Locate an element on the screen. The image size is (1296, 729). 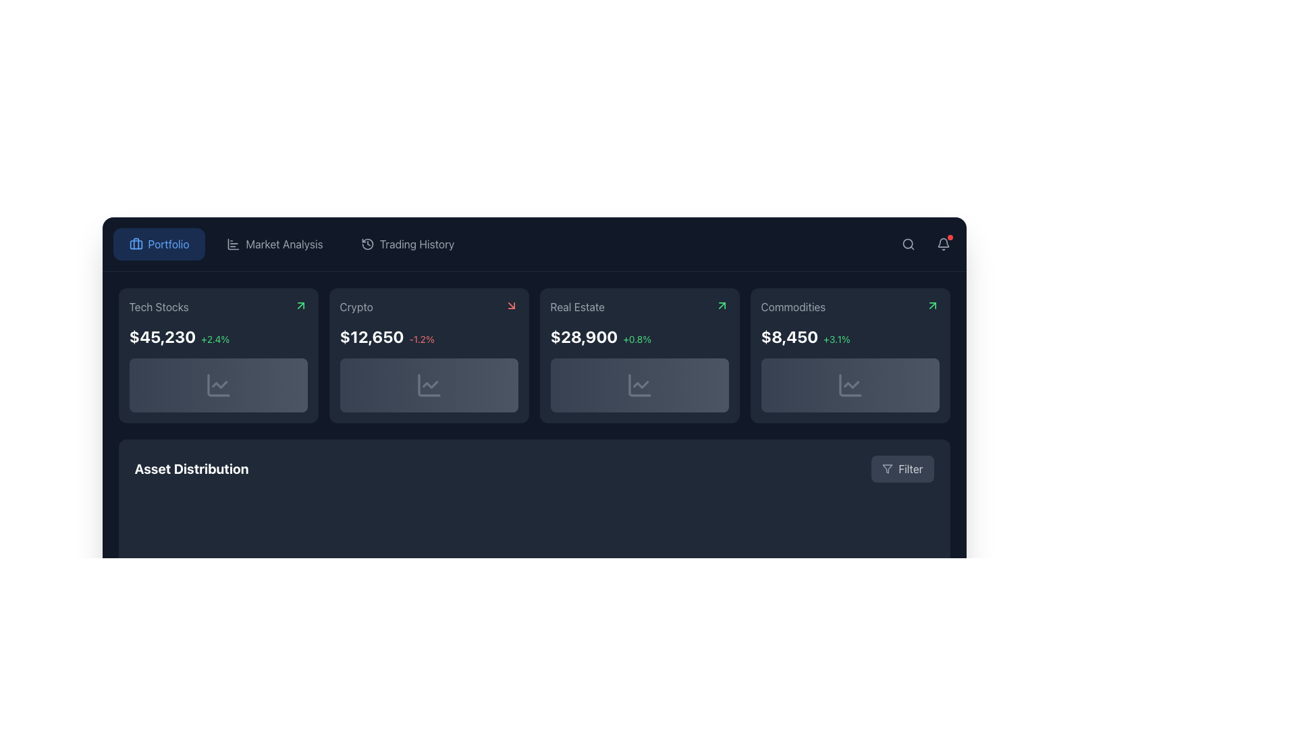
icon resembling a chart line graph, which is centrally placed within the 'Commodities' card located to the right of the 'Real Estate' card is located at coordinates (849, 385).